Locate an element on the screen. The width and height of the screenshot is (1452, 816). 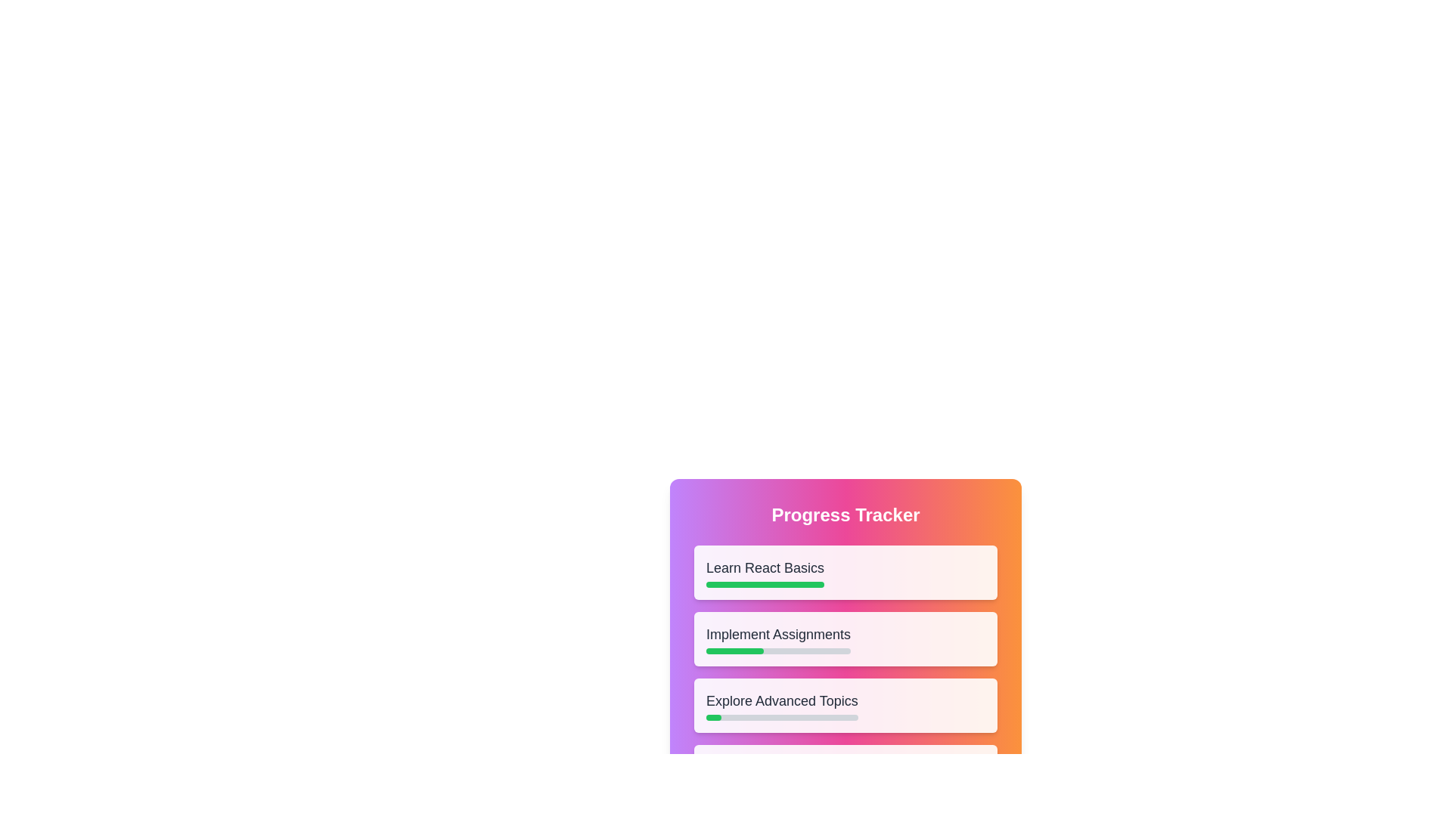
the task titled 'Learn React Basics' is located at coordinates (765, 573).